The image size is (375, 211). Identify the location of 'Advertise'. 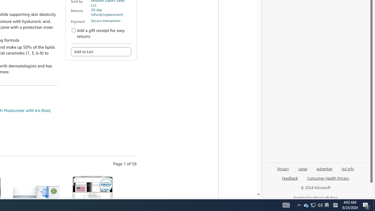
(324, 171).